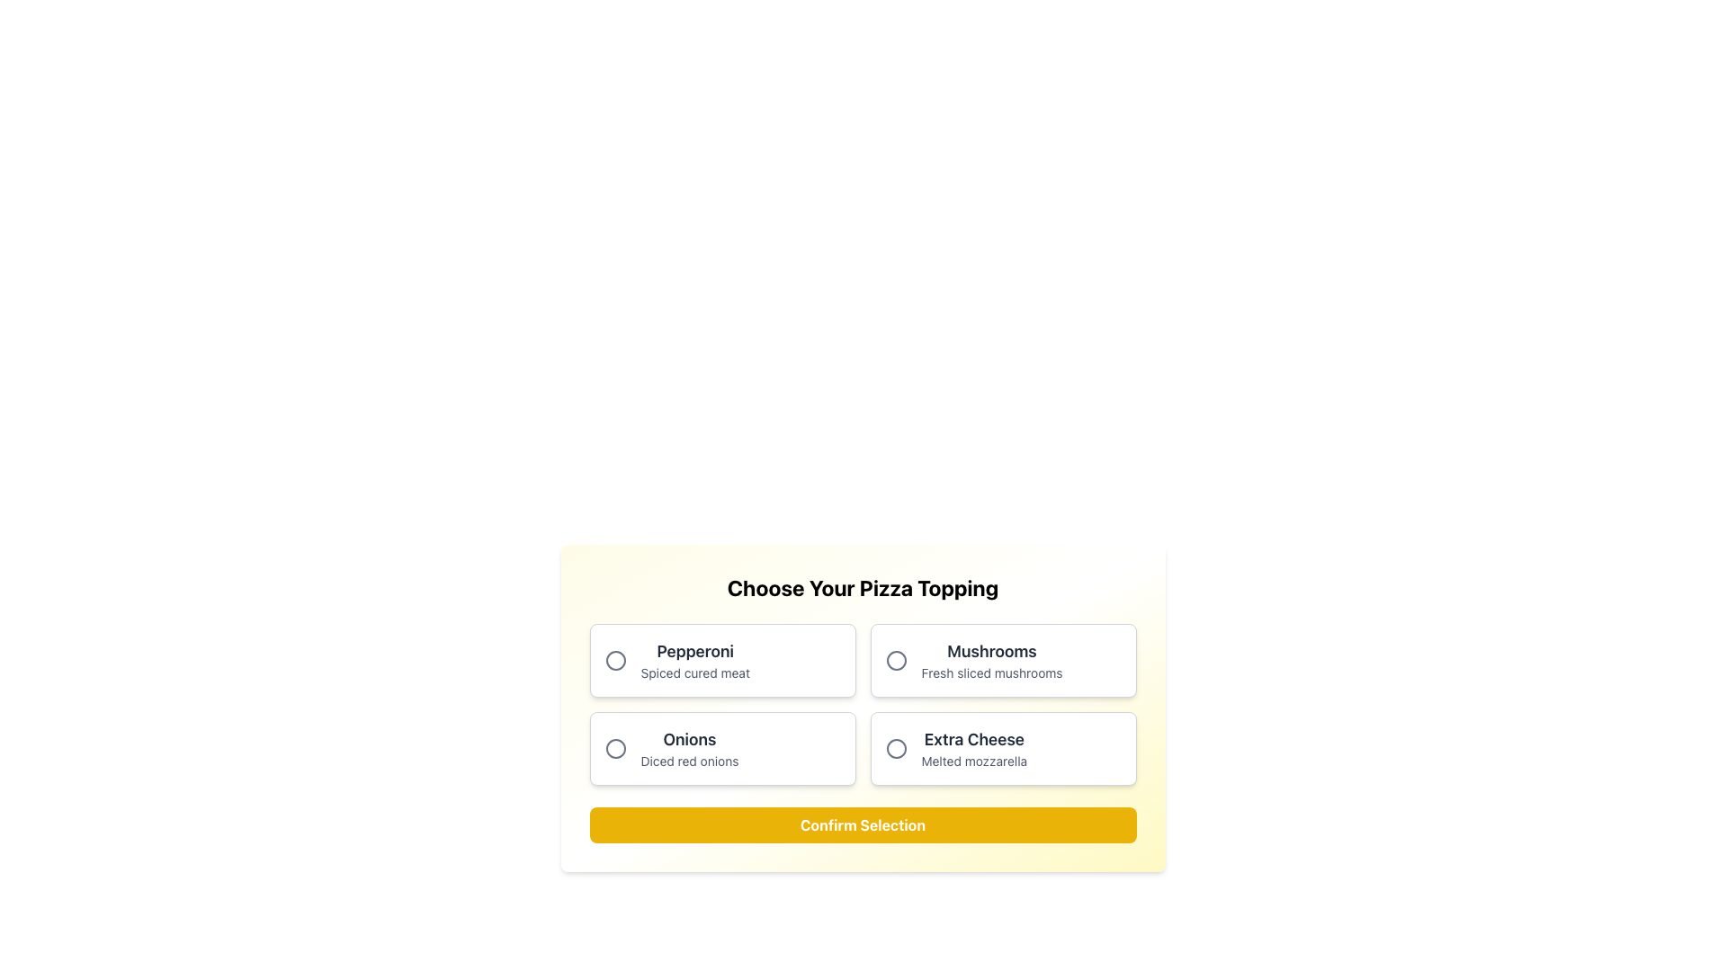 This screenshot has width=1727, height=971. What do you see at coordinates (615, 749) in the screenshot?
I see `the radio button for the 'Onions' topping located on the left side of the option card in the pizza toppings selection grid` at bounding box center [615, 749].